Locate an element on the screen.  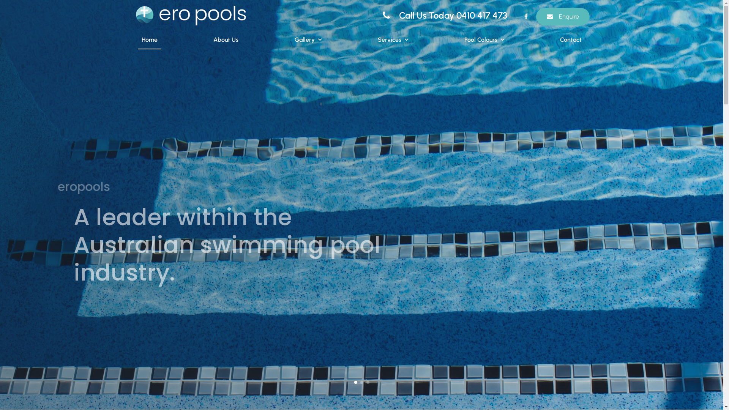
'Pool Colours' is located at coordinates (484, 40).